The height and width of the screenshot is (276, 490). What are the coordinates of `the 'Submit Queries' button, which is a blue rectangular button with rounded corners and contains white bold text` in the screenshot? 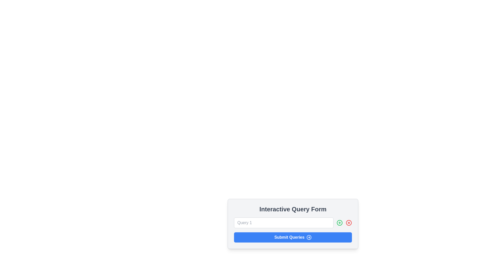 It's located at (293, 237).